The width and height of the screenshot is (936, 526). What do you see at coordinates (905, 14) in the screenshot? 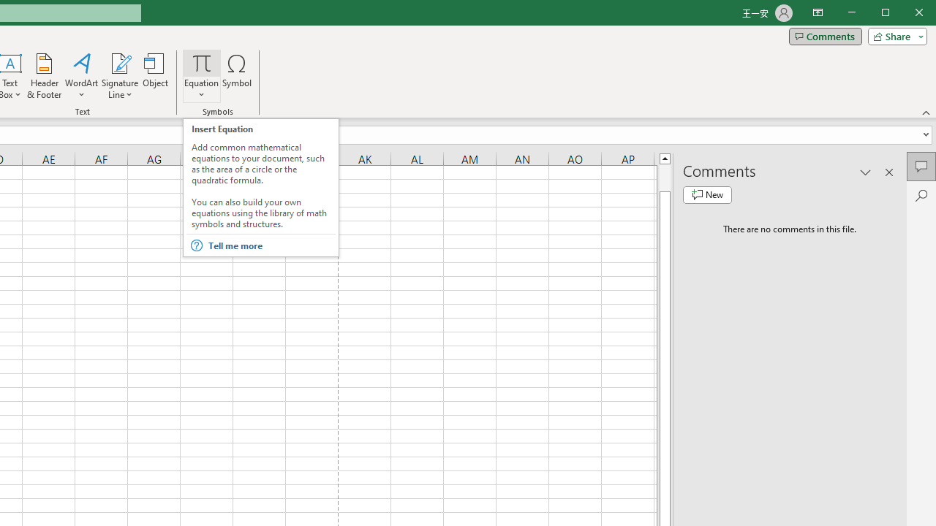
I see `'Maximize'` at bounding box center [905, 14].